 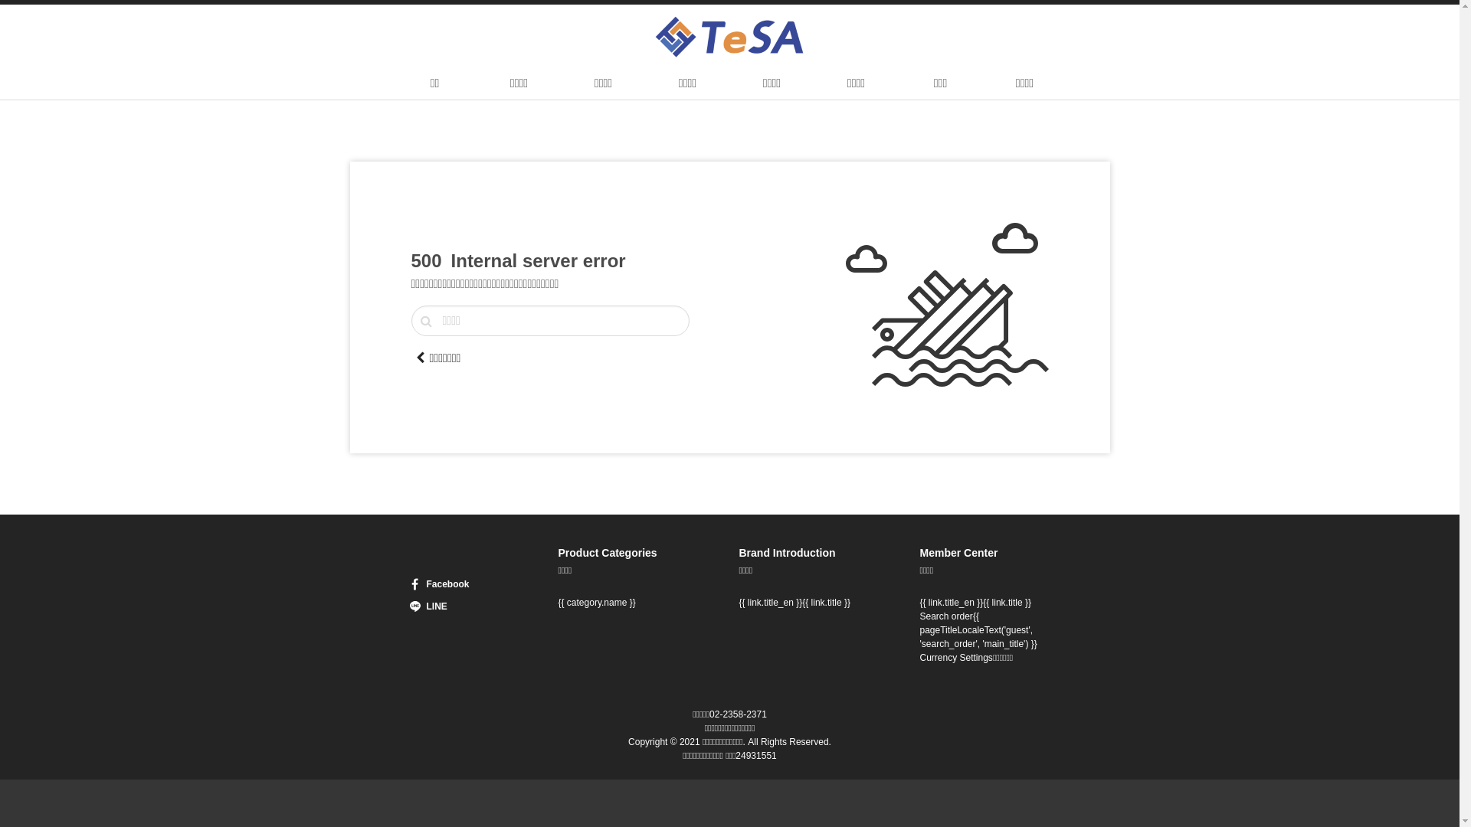 I want to click on 'LINE', so click(x=454, y=605).